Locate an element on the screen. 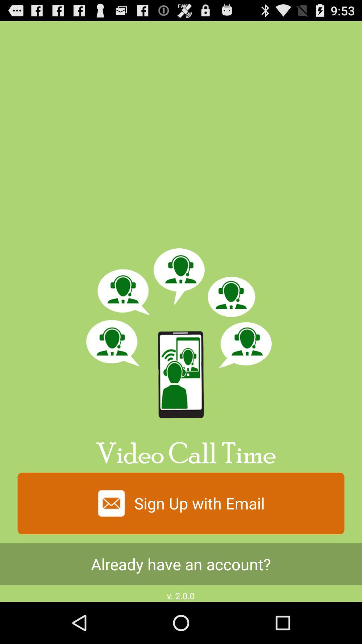 This screenshot has width=362, height=644. the already have an icon is located at coordinates (181, 564).